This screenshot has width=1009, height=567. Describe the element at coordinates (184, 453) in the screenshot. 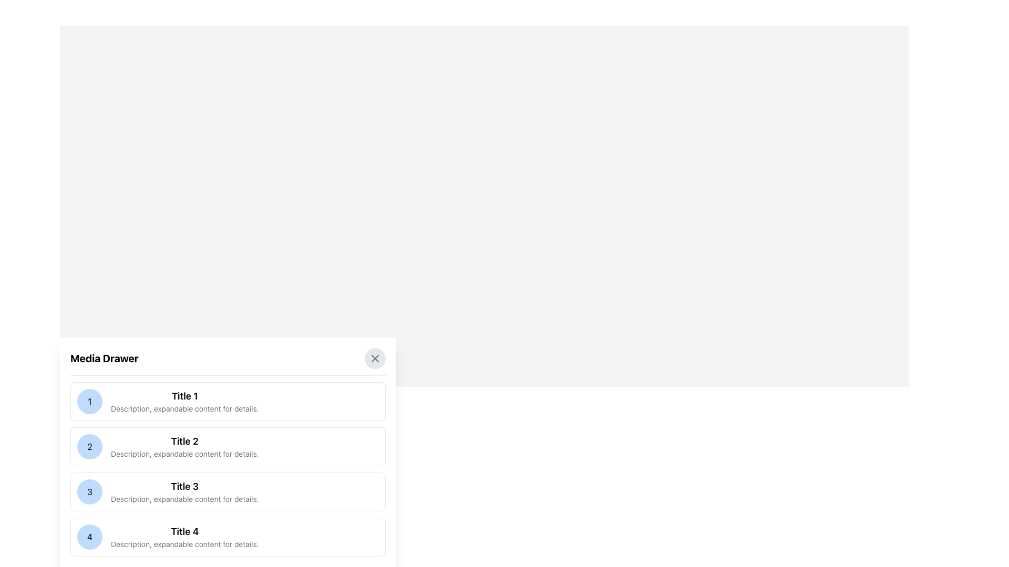

I see `the static text content located below the main title in the 'Title 2' section, which is styled with gray color and smaller font size, as the second line in a vertically stacked list` at that location.